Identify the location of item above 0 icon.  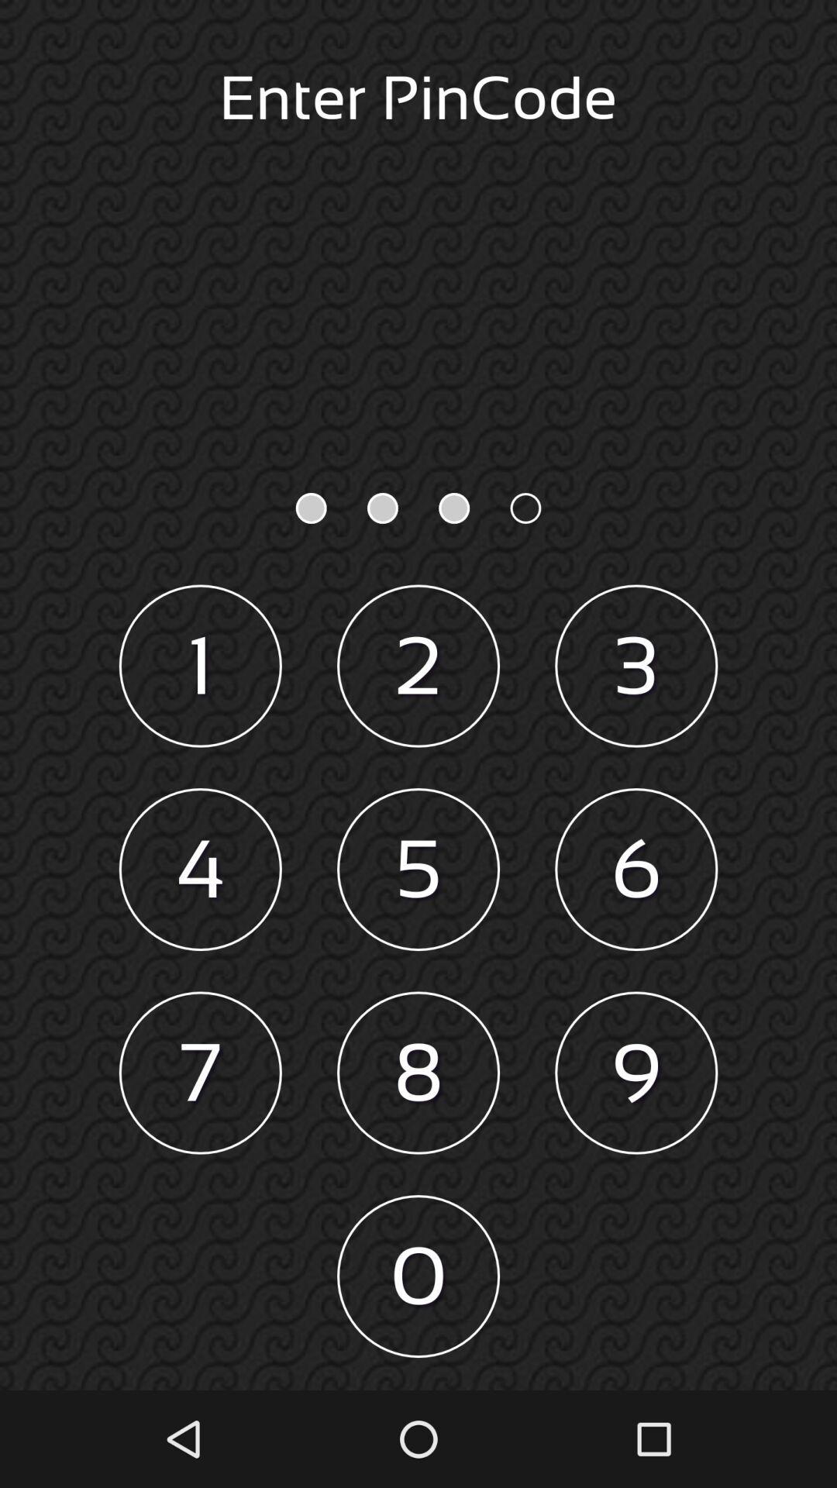
(418, 1072).